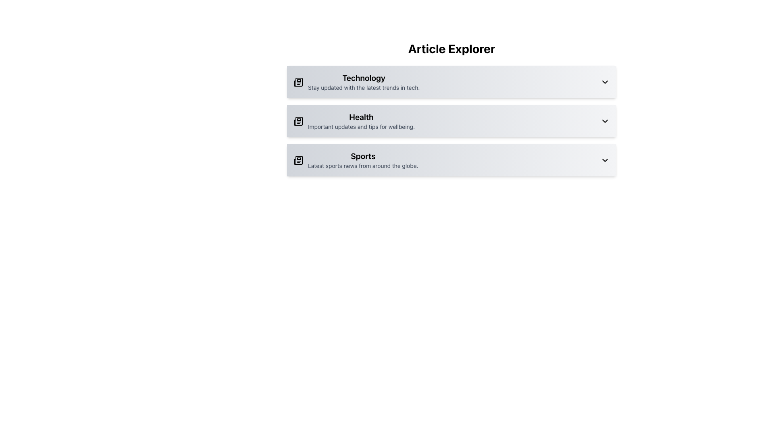 The width and height of the screenshot is (774, 435). What do you see at coordinates (363, 88) in the screenshot?
I see `the descriptive text element located below the 'Technology' heading in the 'Article Explorer' section` at bounding box center [363, 88].